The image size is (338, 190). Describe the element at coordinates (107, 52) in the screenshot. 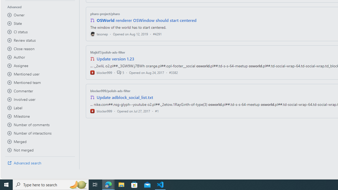

I see `'MajkiIT/polish-ads-filter'` at that location.